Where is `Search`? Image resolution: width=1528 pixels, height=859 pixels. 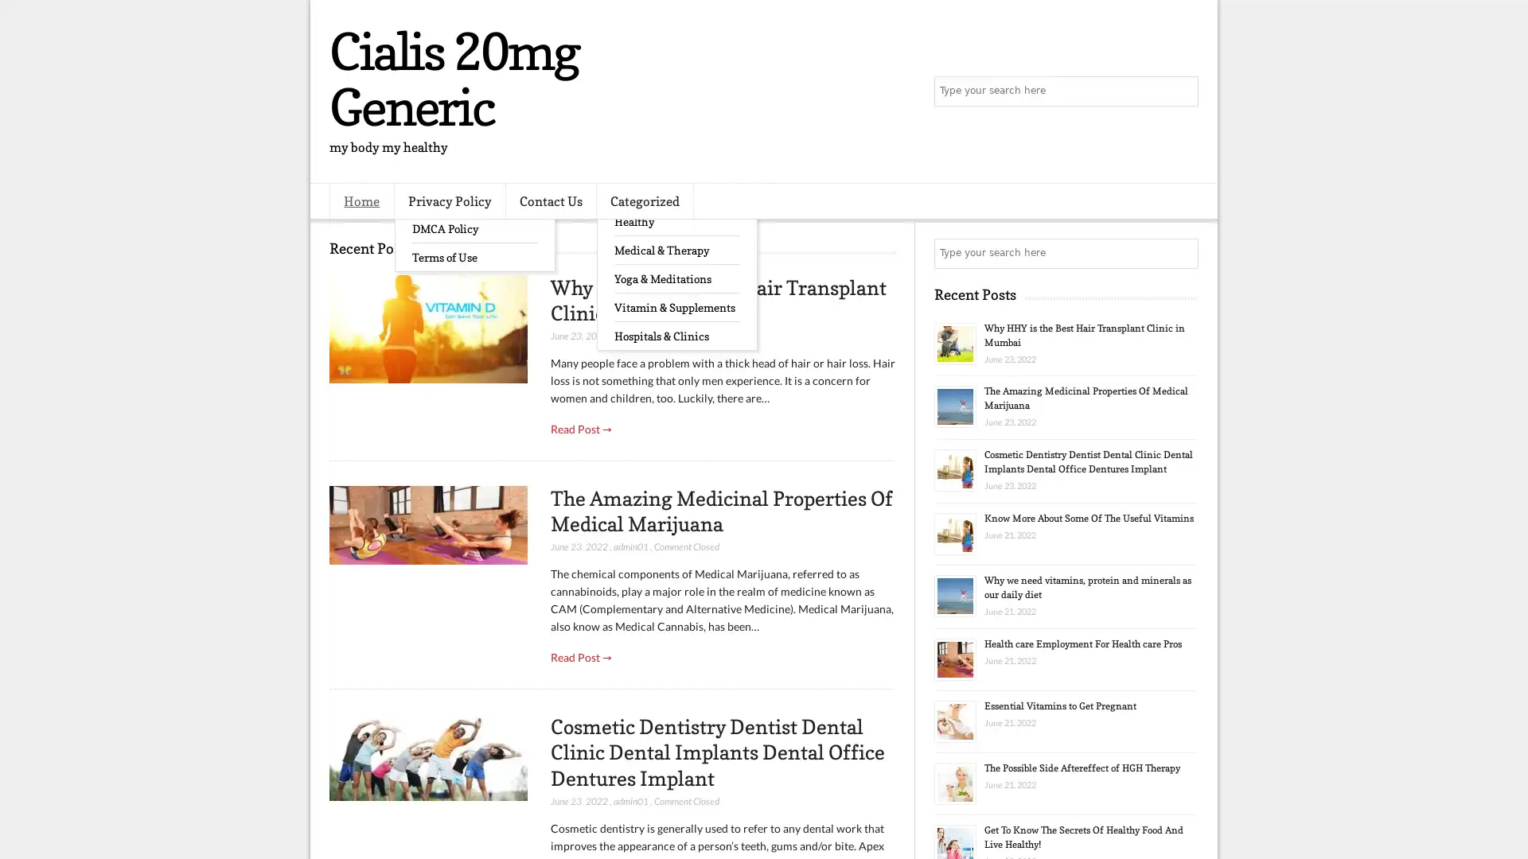 Search is located at coordinates (1182, 91).